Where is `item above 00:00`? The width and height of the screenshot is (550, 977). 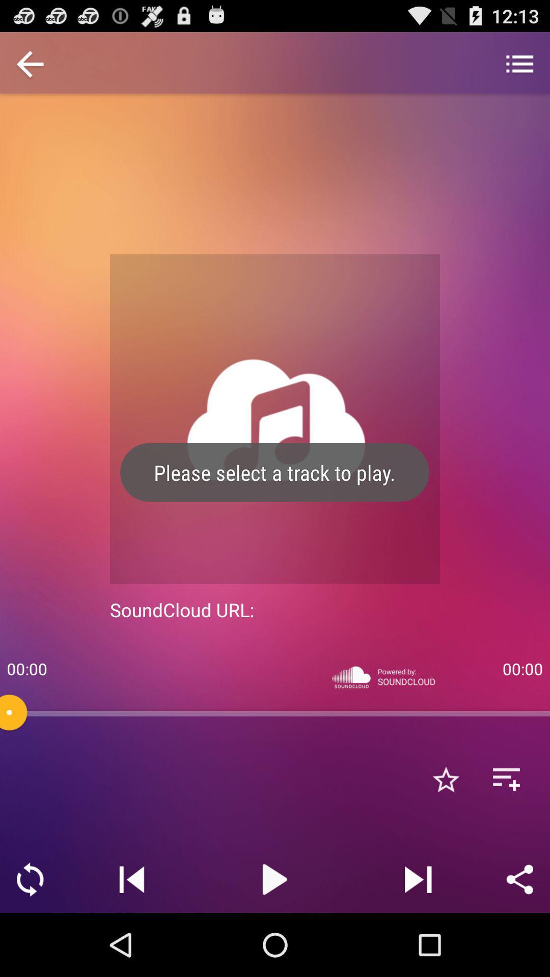 item above 00:00 is located at coordinates (519, 65).